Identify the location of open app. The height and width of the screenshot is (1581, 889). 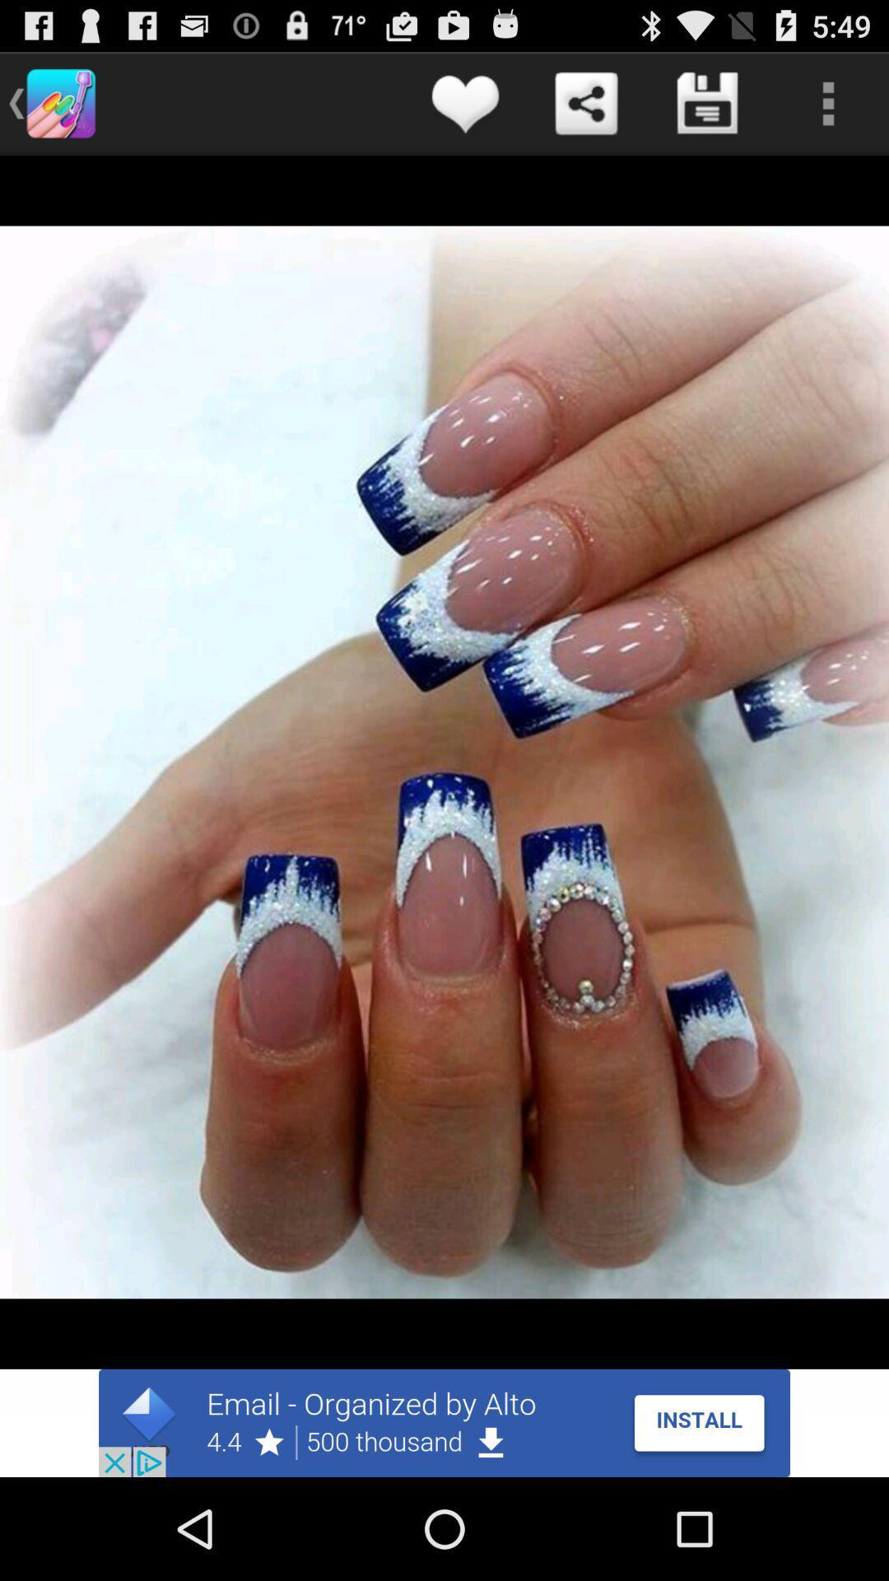
(444, 1422).